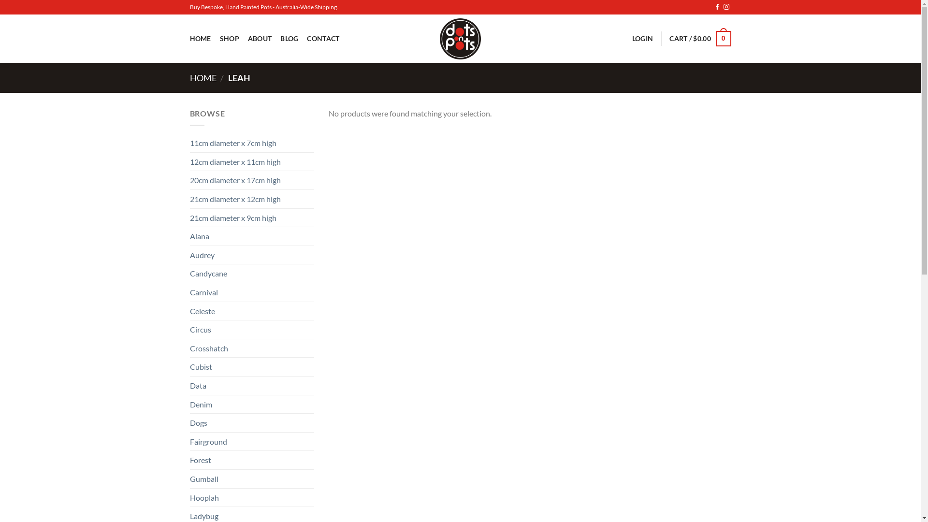 This screenshot has height=522, width=928. I want to click on 'Fairground', so click(252, 442).